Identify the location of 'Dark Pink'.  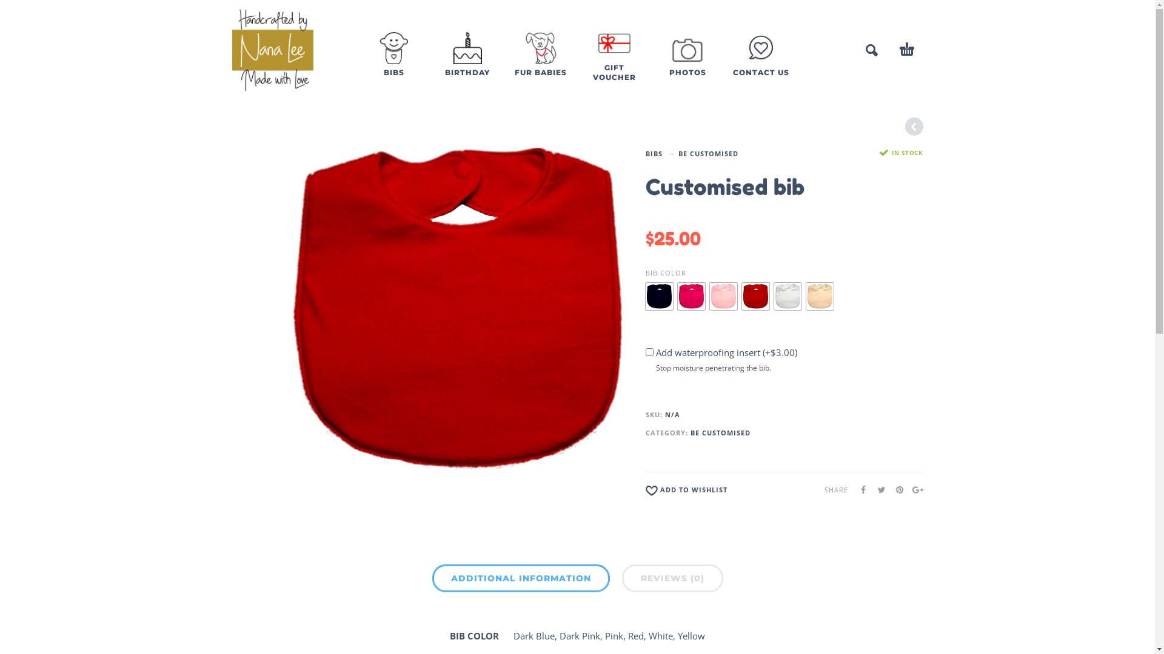
(691, 296).